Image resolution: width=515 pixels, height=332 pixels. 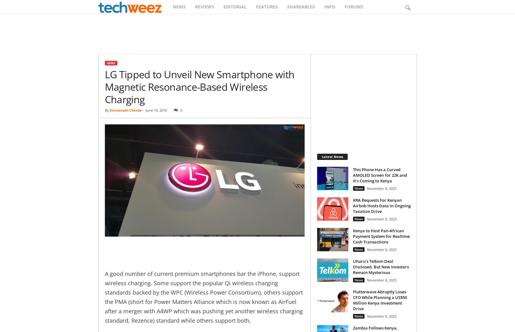 What do you see at coordinates (352, 266) in the screenshot?
I see `'Uhuru’s Telkom Deal Disclosed, But New Investors Remain Mysterious'` at bounding box center [352, 266].